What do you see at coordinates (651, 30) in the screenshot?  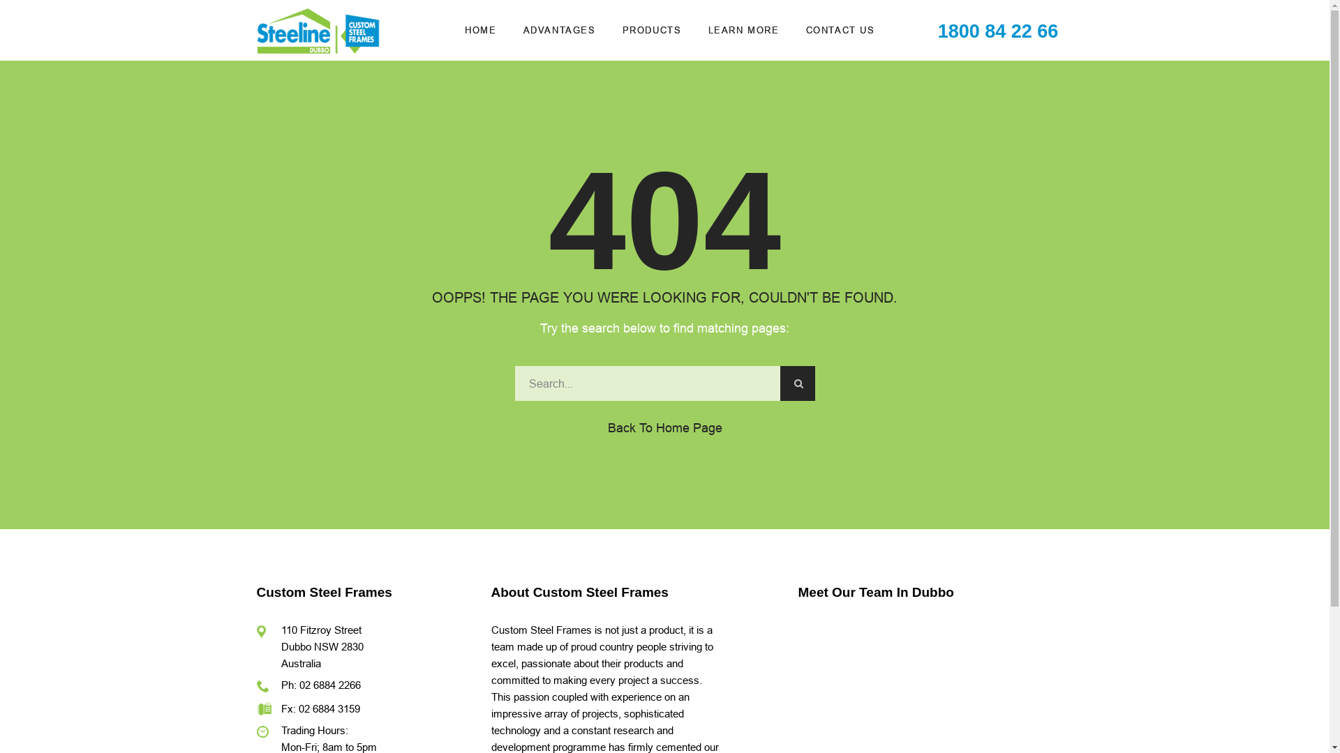 I see `'PRODUCTS'` at bounding box center [651, 30].